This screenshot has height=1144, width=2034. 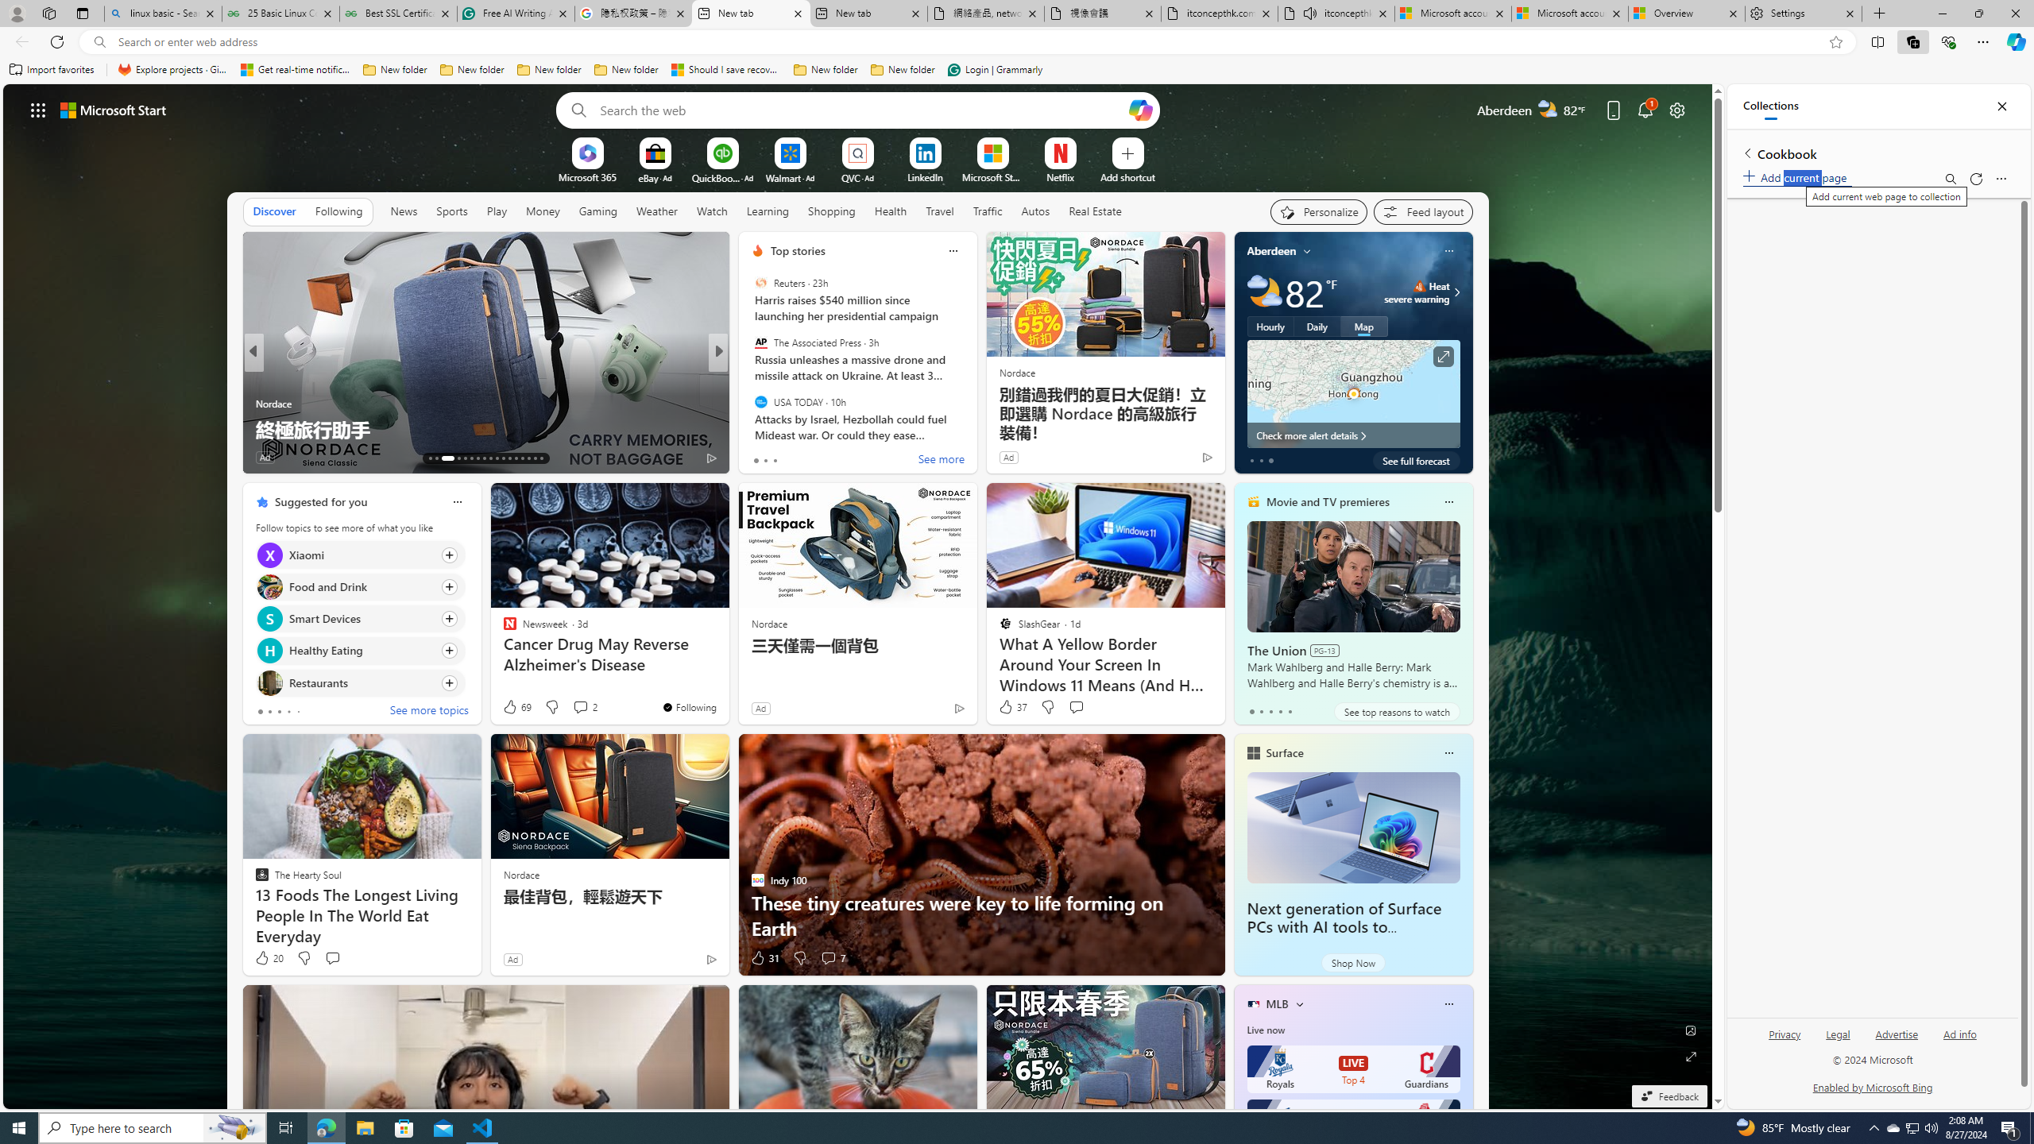 What do you see at coordinates (751, 402) in the screenshot?
I see `'XDA Developers'` at bounding box center [751, 402].